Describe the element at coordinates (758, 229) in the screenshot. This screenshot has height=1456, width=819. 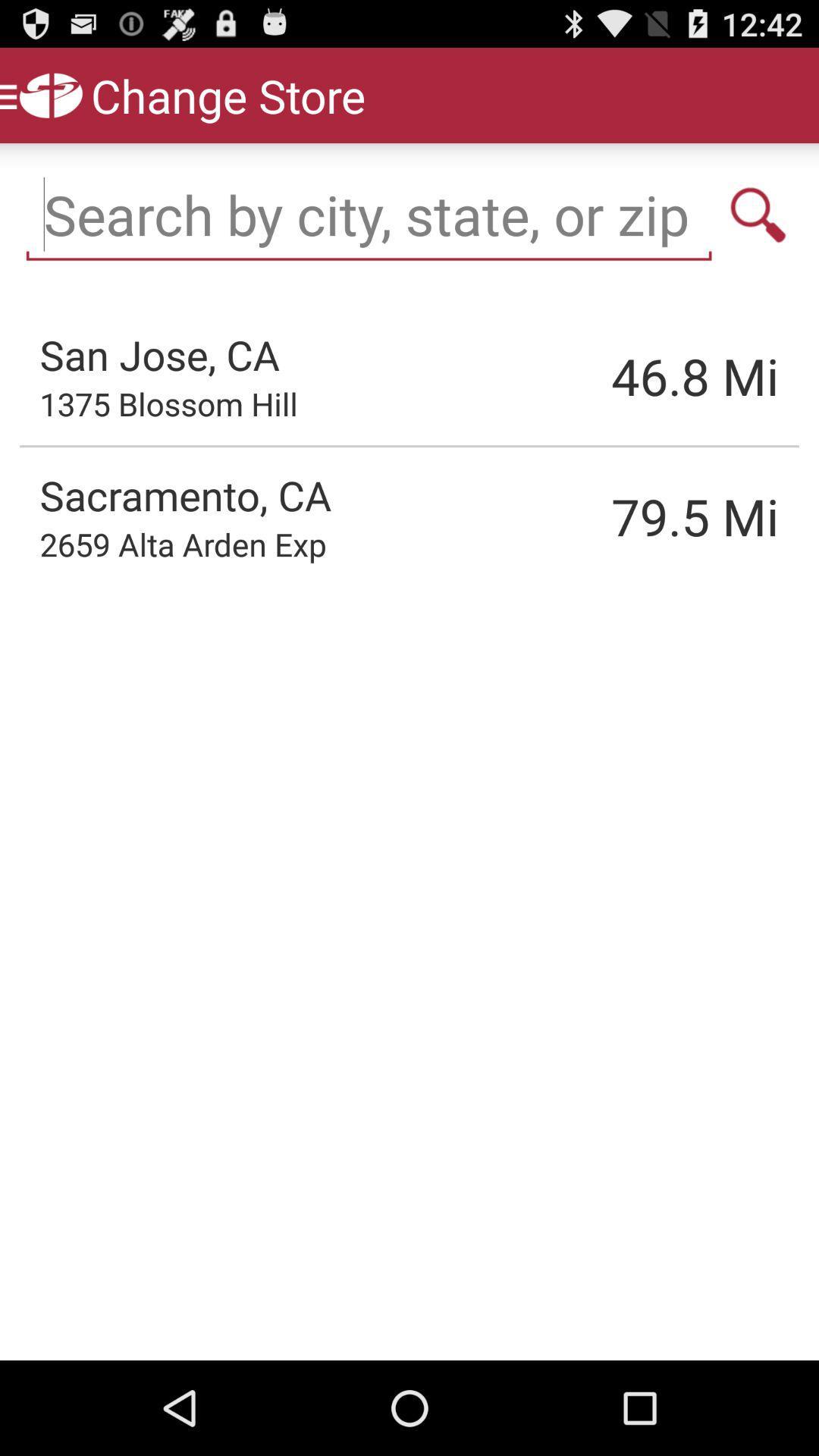
I see `the search icon` at that location.